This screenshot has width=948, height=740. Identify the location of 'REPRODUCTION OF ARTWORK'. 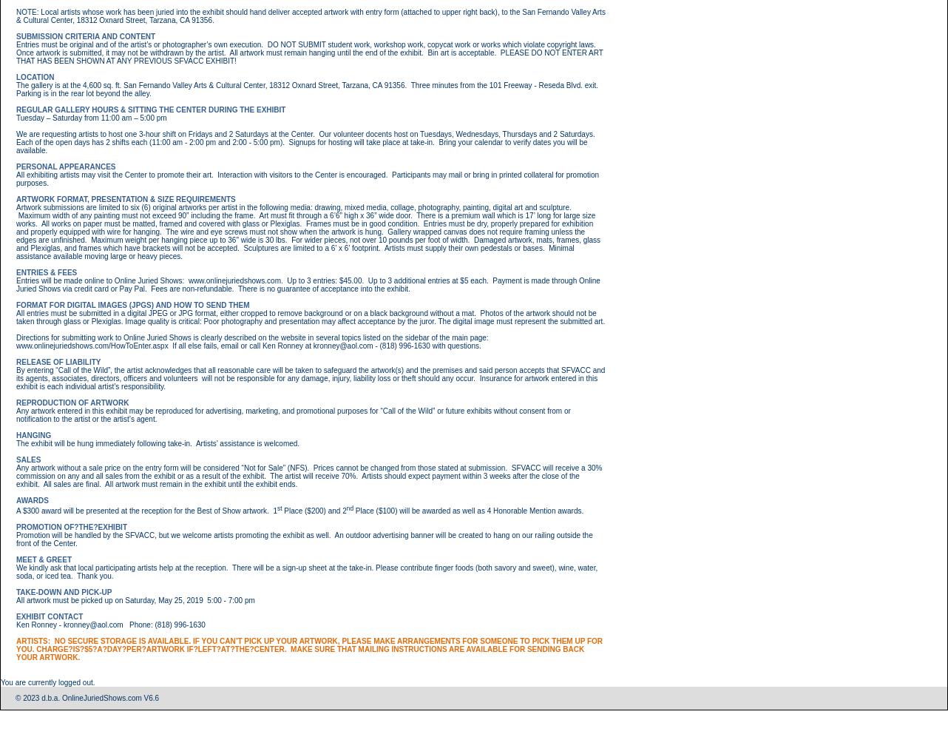
(16, 402).